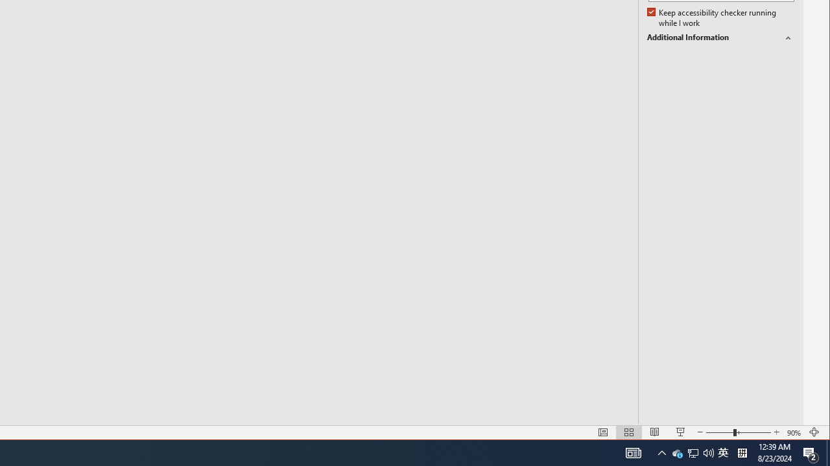 The height and width of the screenshot is (466, 830). What do you see at coordinates (777, 432) in the screenshot?
I see `'Zoom In'` at bounding box center [777, 432].